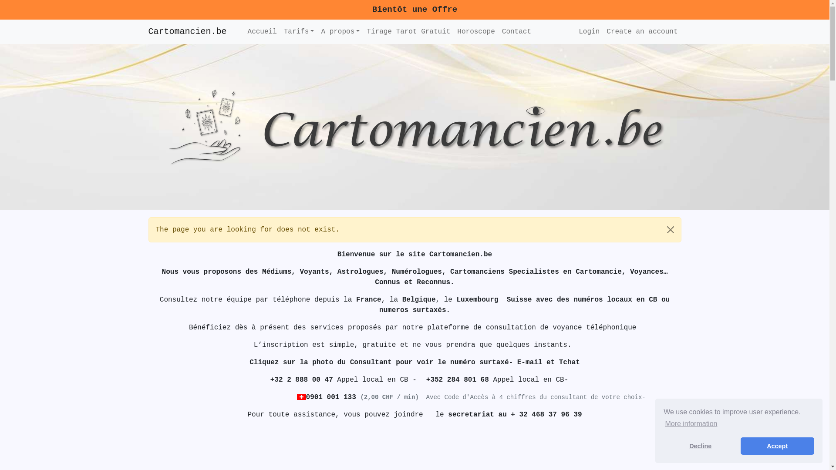  What do you see at coordinates (262, 31) in the screenshot?
I see `'Accueil'` at bounding box center [262, 31].